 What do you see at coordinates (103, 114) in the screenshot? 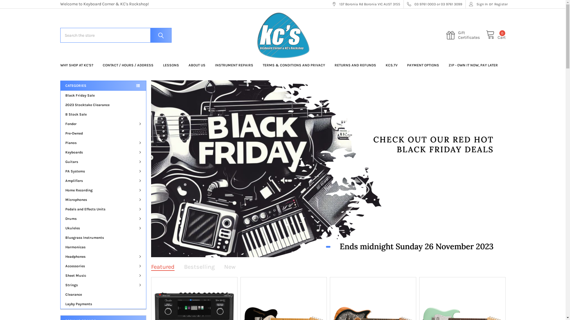
I see `'B Stock Sale'` at bounding box center [103, 114].